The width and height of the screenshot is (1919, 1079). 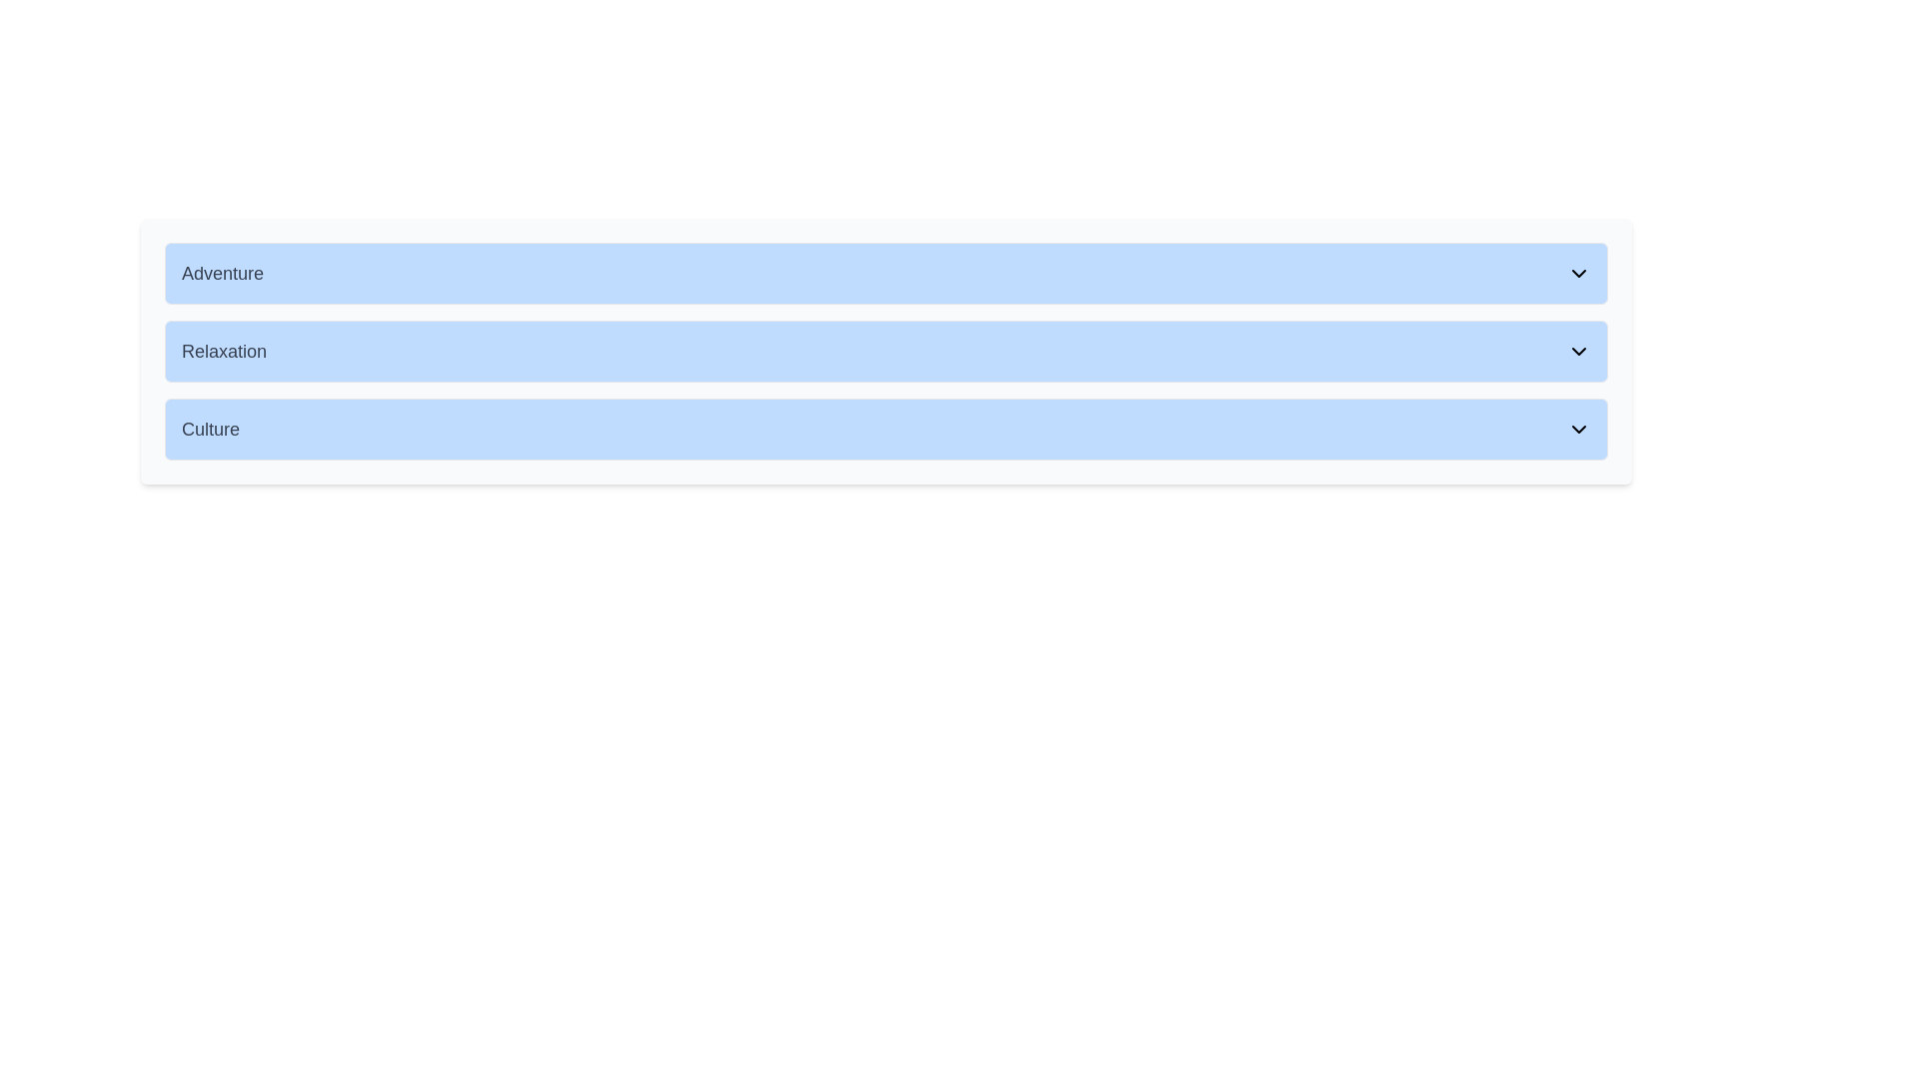 What do you see at coordinates (224, 350) in the screenshot?
I see `text label that says 'Relaxation', which is styled with a gray font on a blue background, located in the middle of the second section from the top` at bounding box center [224, 350].